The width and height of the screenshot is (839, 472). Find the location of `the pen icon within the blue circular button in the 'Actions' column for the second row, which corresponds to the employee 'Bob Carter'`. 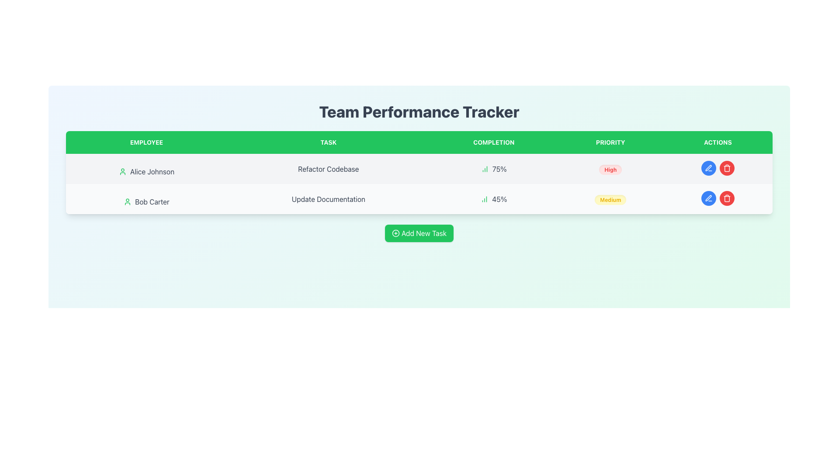

the pen icon within the blue circular button in the 'Actions' column for the second row, which corresponds to the employee 'Bob Carter' is located at coordinates (708, 198).